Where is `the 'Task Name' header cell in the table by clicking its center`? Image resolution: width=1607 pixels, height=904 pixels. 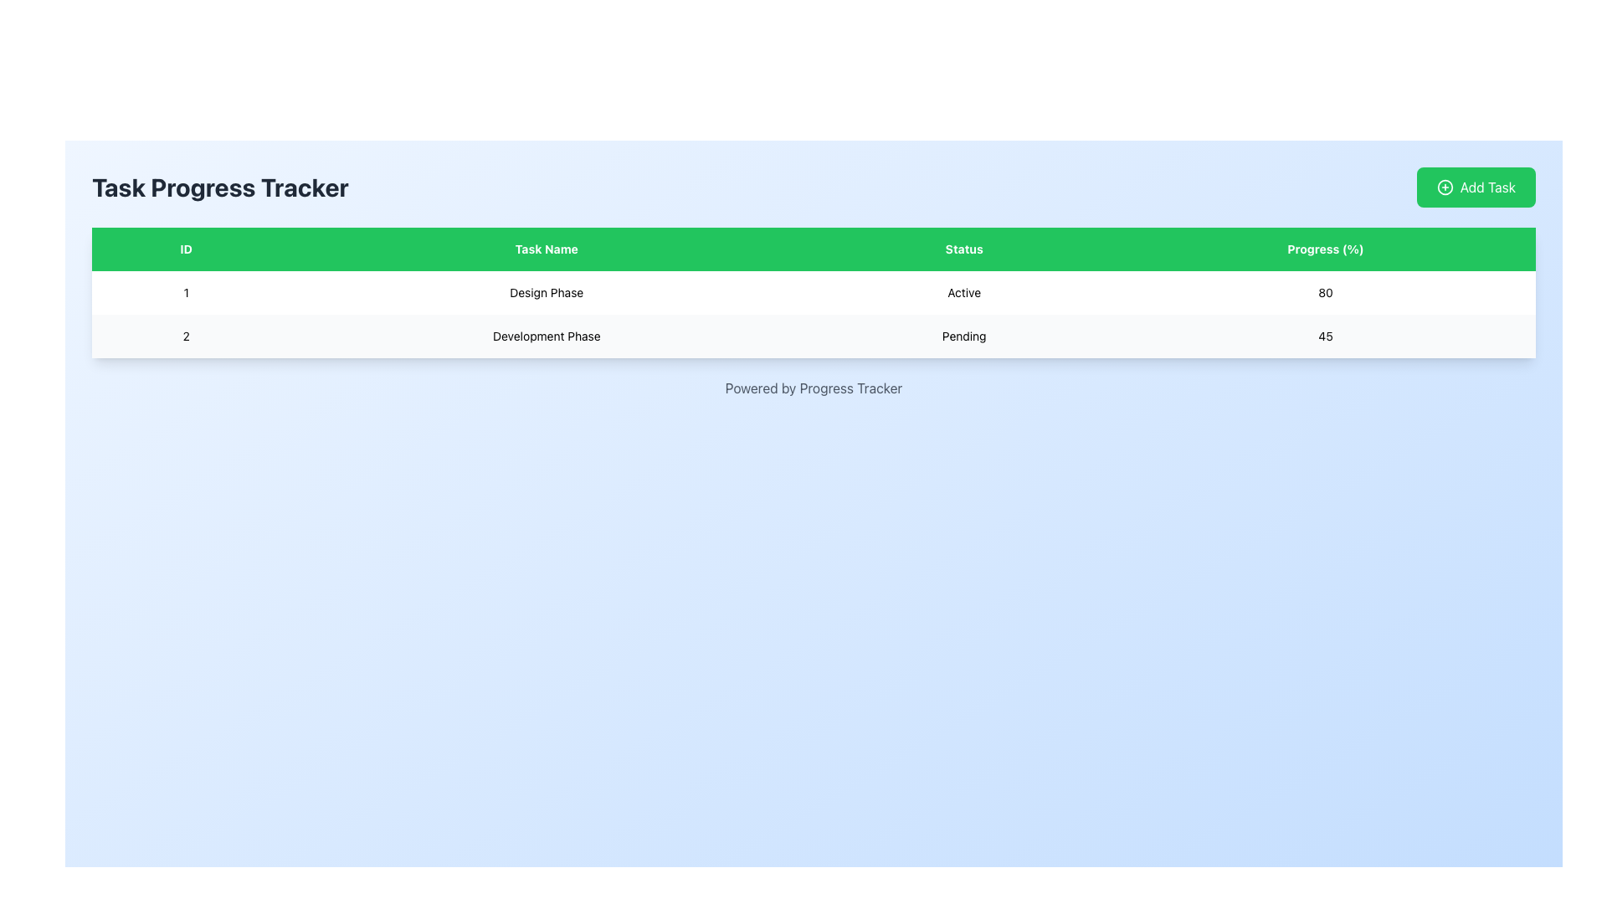 the 'Task Name' header cell in the table by clicking its center is located at coordinates (547, 249).